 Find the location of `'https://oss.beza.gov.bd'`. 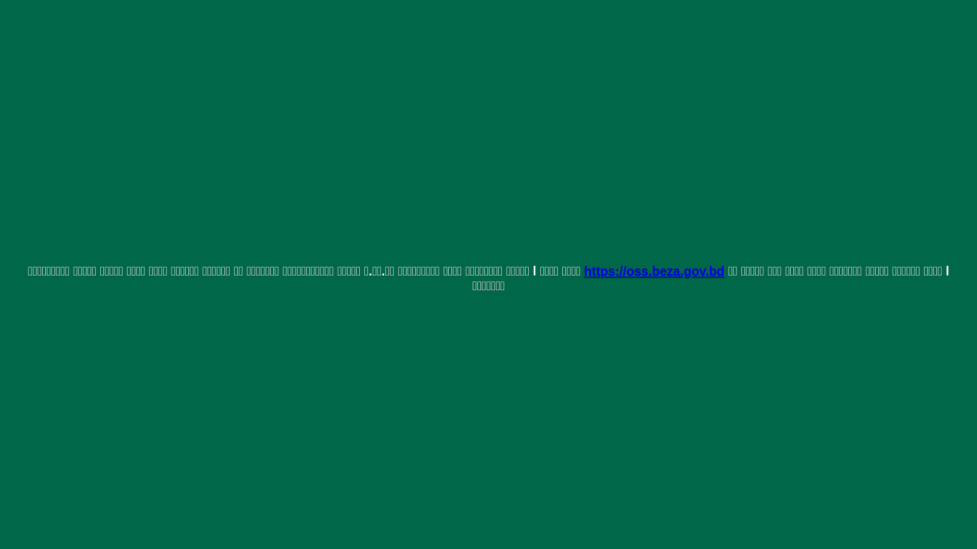

'https://oss.beza.gov.bd' is located at coordinates (654, 270).